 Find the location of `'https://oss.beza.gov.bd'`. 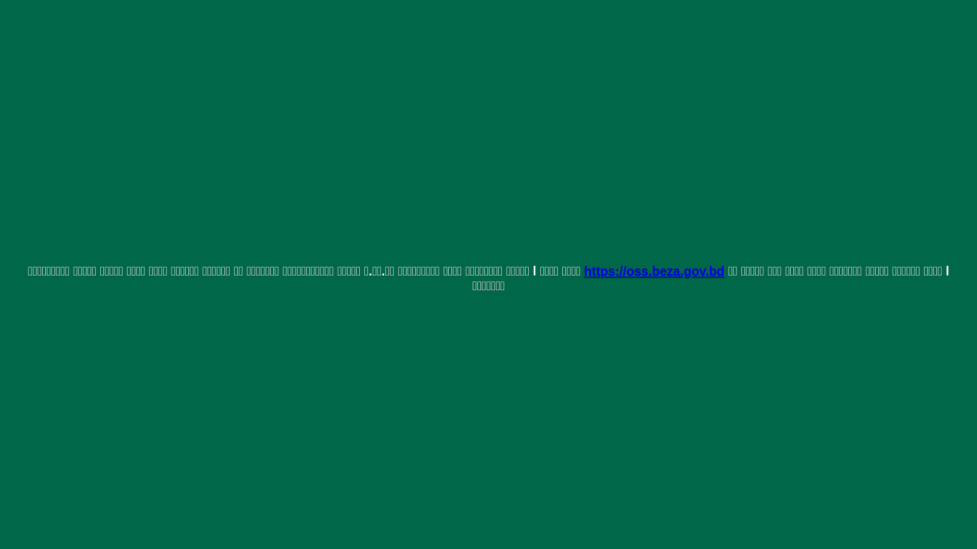

'https://oss.beza.gov.bd' is located at coordinates (654, 270).